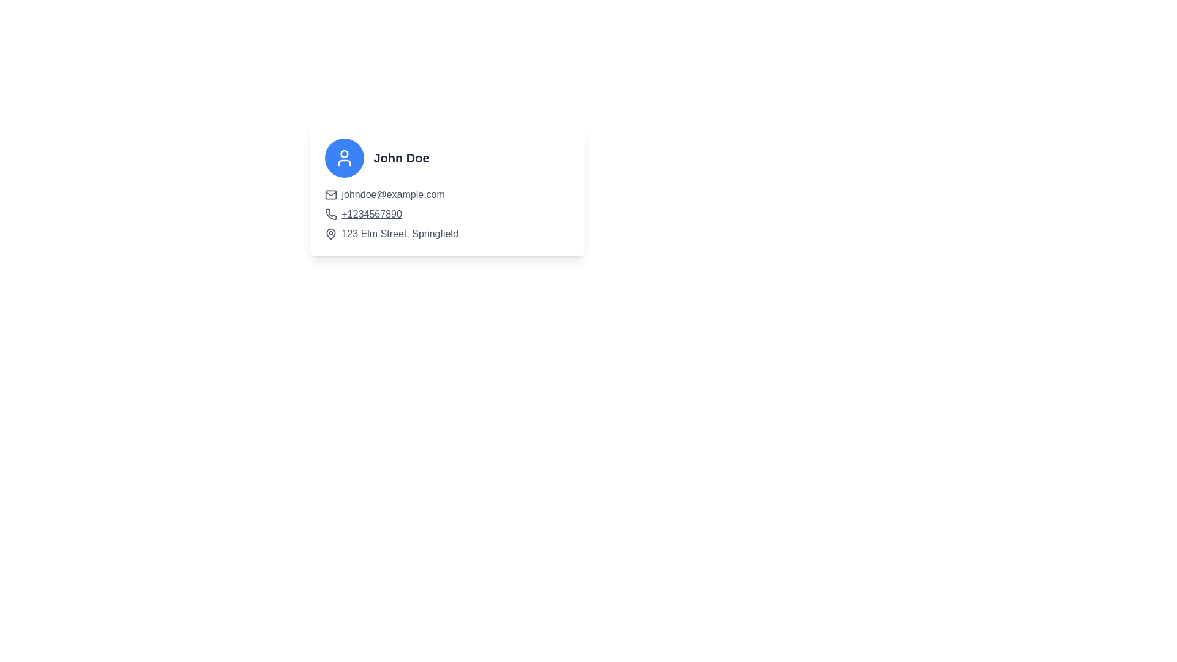  Describe the element at coordinates (330, 213) in the screenshot. I see `the SVG-based phone icon, which is a curved line resembling a telephone receiver, located in the user profile card layout directly preceding the phone number text` at that location.